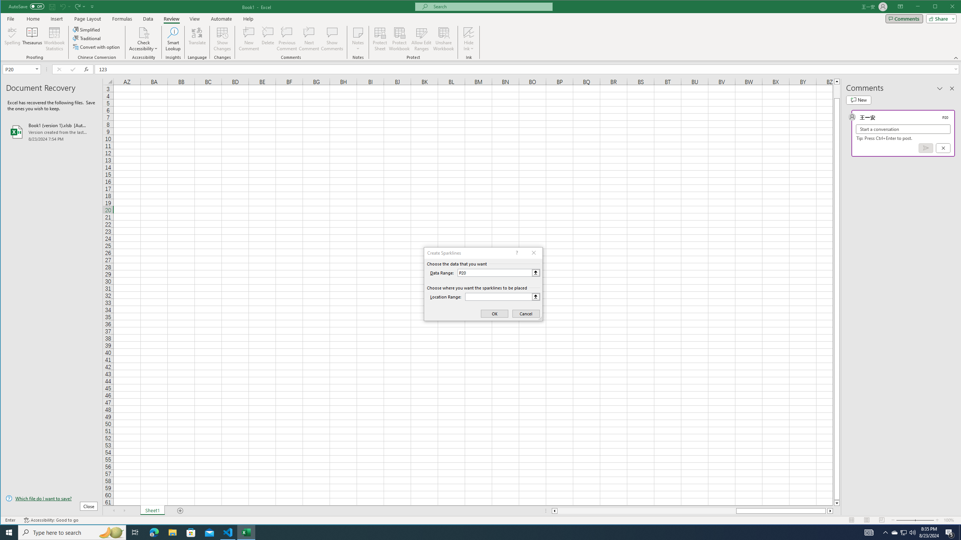 This screenshot has height=540, width=961. I want to click on 'Workbook Statistics', so click(54, 39).